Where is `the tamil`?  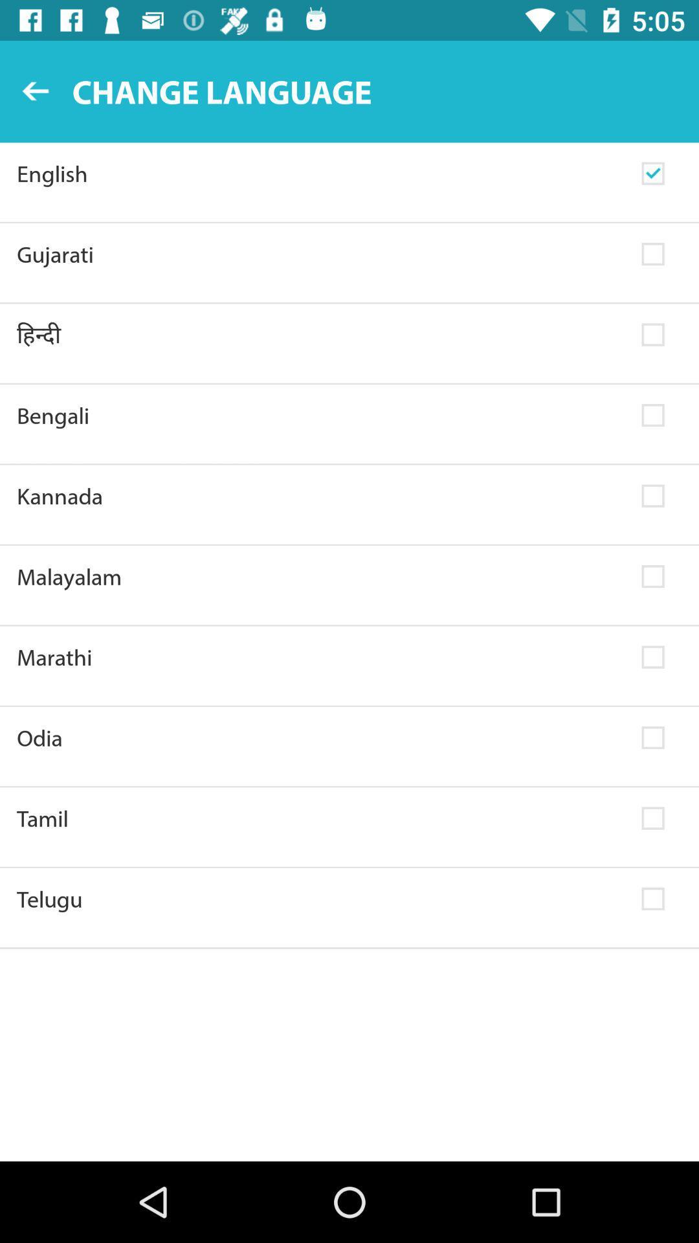
the tamil is located at coordinates (320, 818).